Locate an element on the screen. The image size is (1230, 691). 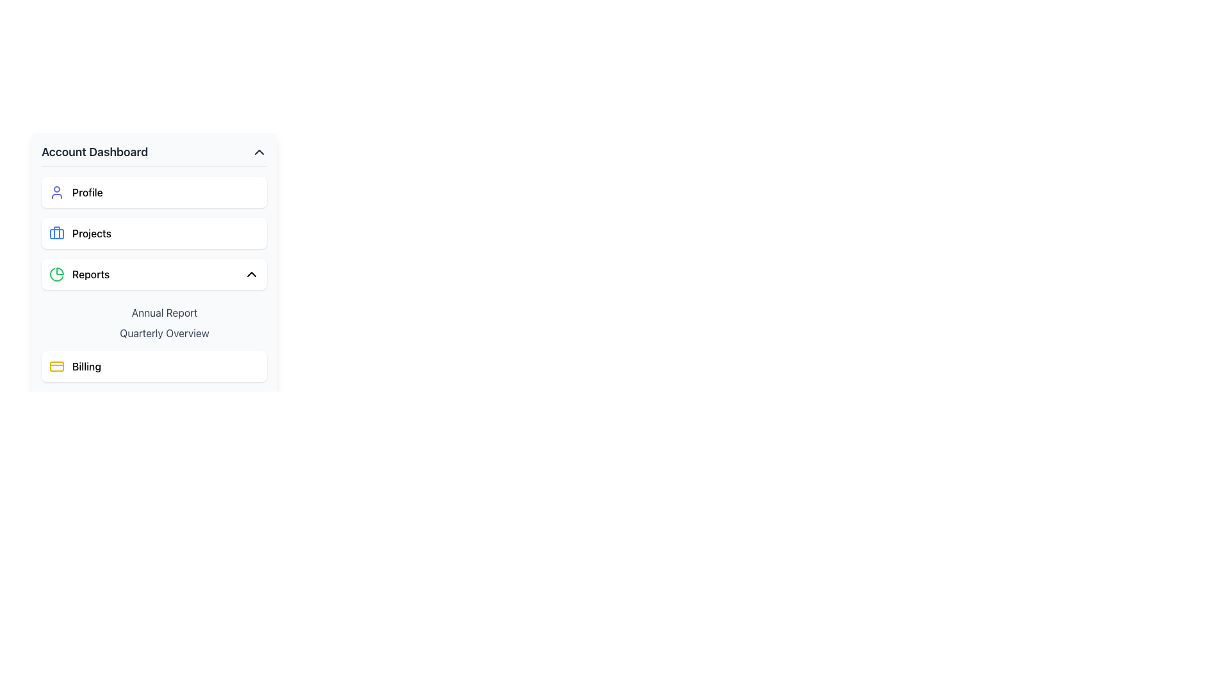
the text label reading 'Annual Report' in the 'Account Dashboard' sidebar, which is styled in medium gray and changes to indigo on hover is located at coordinates (164, 313).